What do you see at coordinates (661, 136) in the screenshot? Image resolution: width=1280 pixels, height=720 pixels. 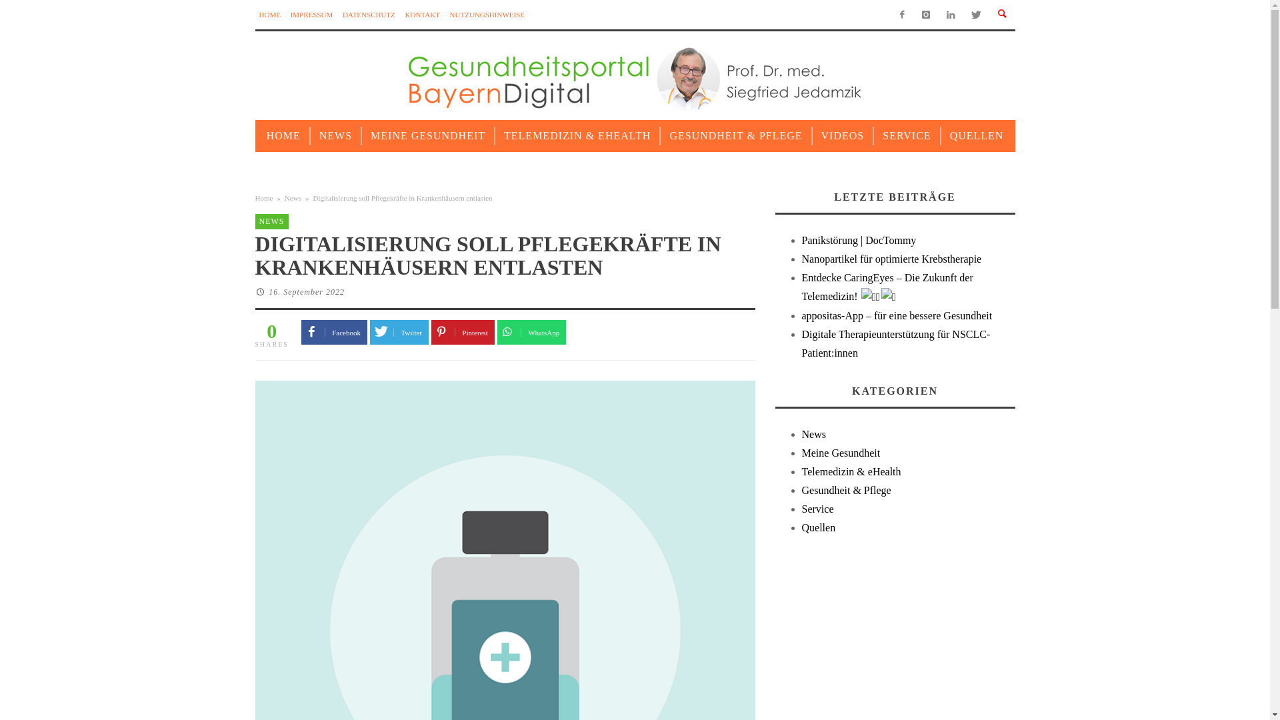 I see `'GESUNDHEIT & PFLEGE'` at bounding box center [661, 136].